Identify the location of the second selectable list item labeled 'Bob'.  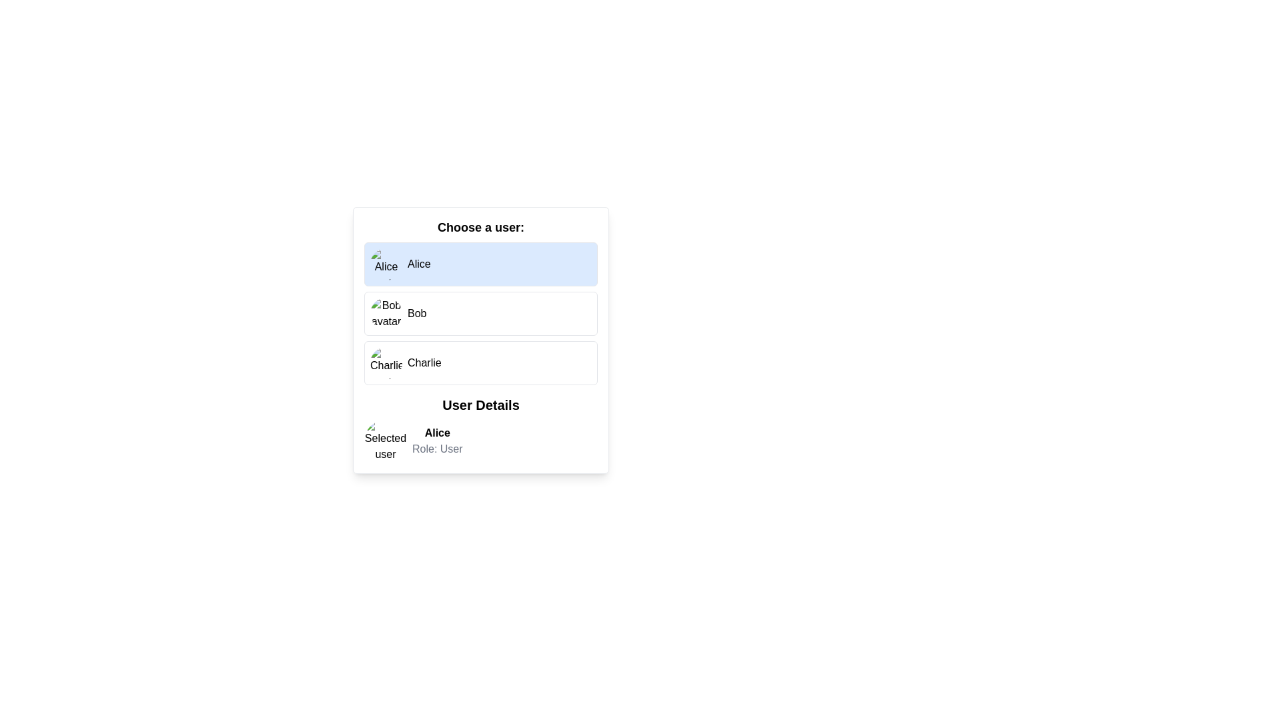
(480, 314).